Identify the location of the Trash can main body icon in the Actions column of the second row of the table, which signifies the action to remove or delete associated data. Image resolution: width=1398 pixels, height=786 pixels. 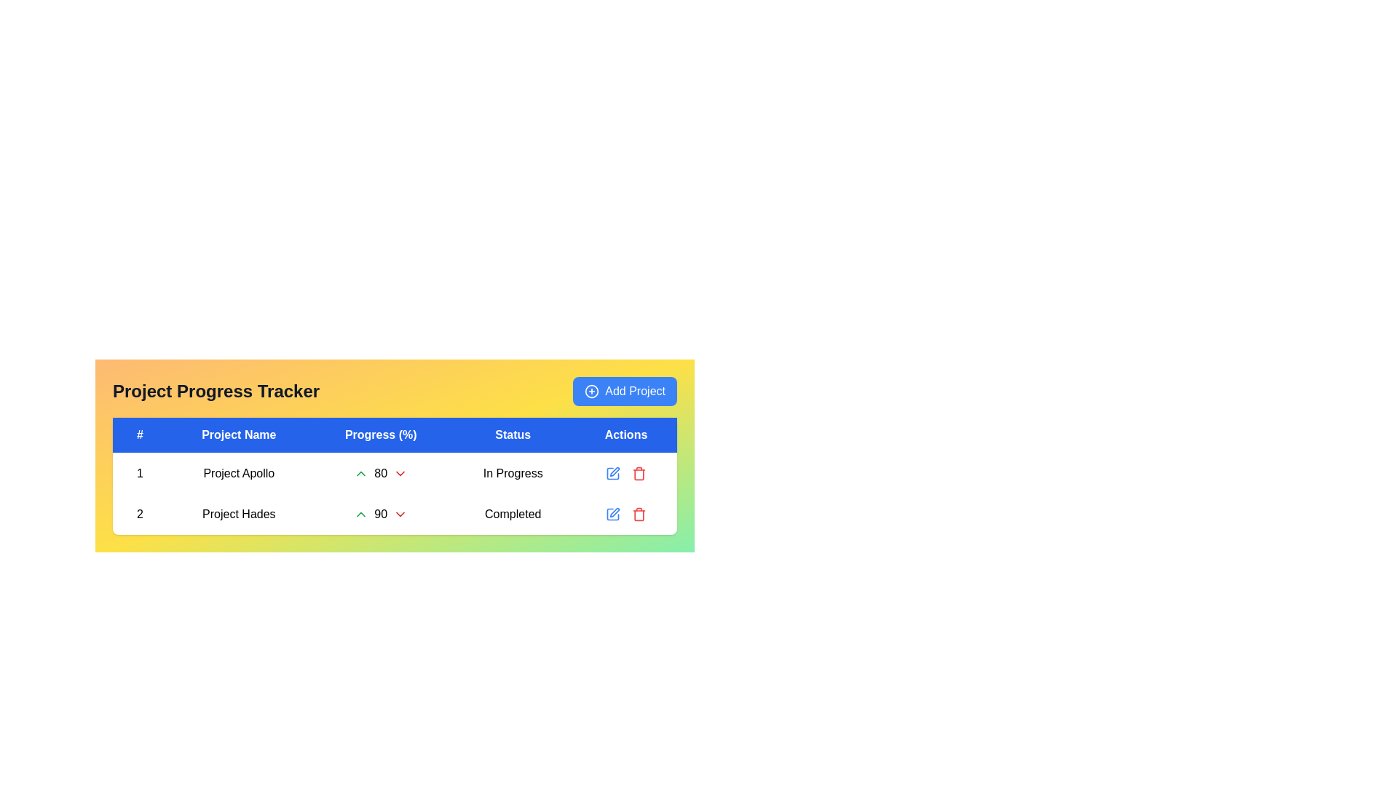
(639, 475).